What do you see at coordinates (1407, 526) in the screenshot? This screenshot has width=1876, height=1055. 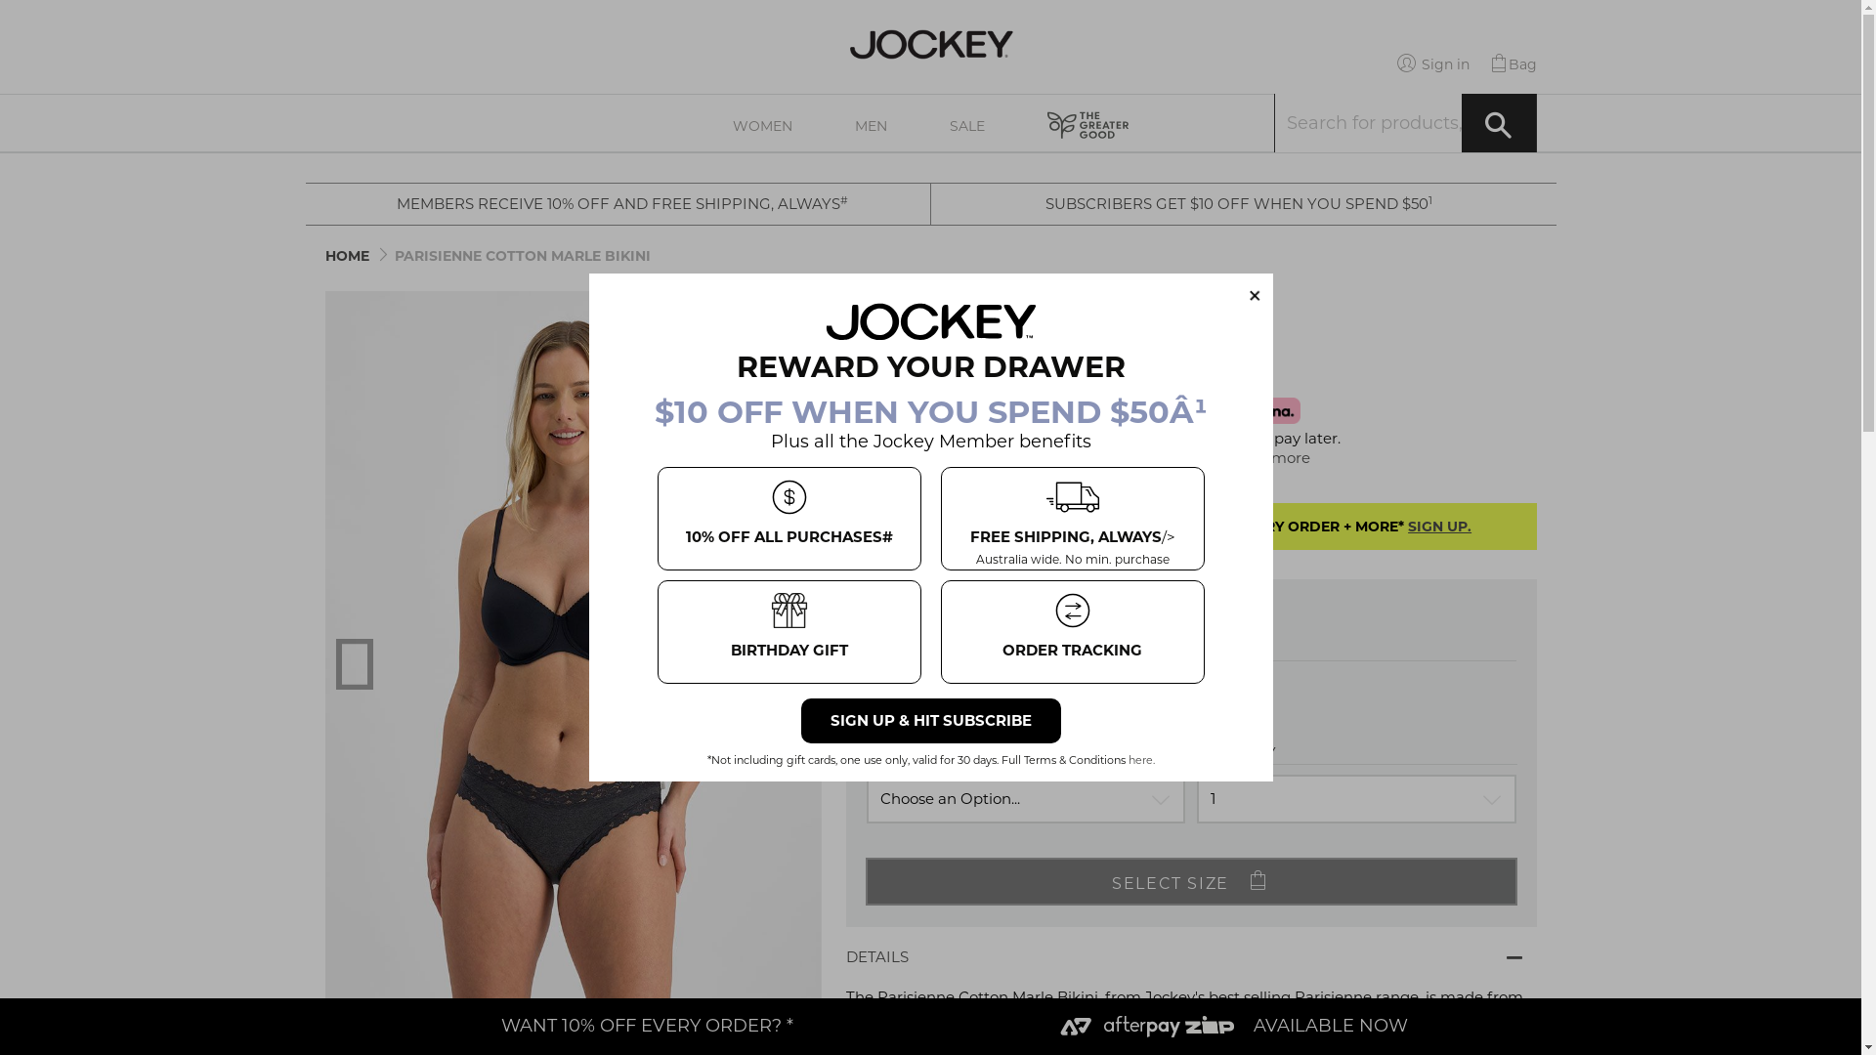 I see `'SIGN UP.'` at bounding box center [1407, 526].